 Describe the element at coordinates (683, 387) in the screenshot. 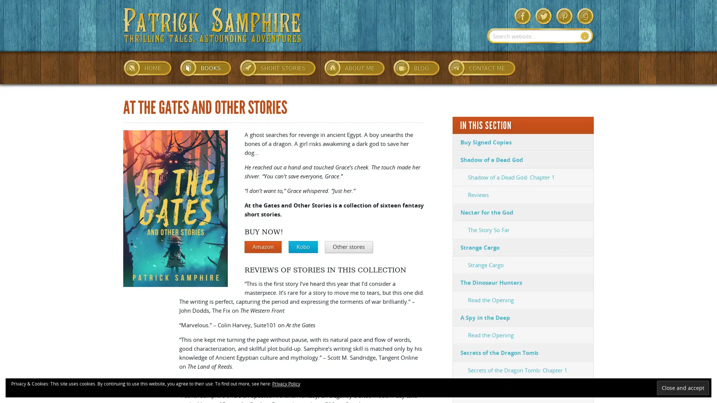

I see `Close and accept` at that location.